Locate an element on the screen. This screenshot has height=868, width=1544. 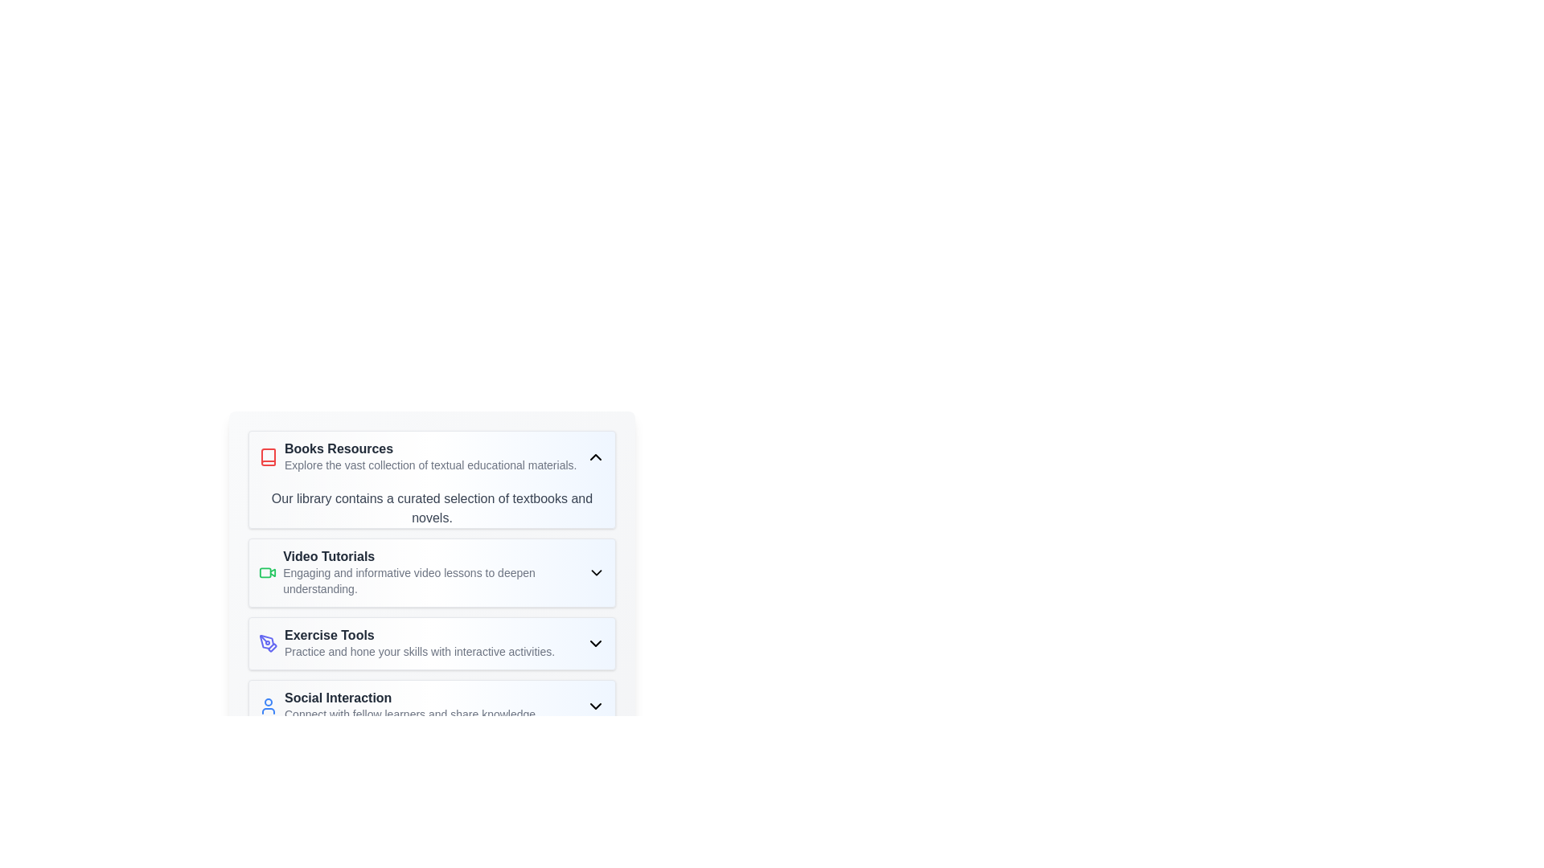
the 'Exercise Tools' text content element, which is the third item in a vertically stacked list of options, positioned between 'Video Tutorials' and 'Social Interaction' is located at coordinates (420, 643).